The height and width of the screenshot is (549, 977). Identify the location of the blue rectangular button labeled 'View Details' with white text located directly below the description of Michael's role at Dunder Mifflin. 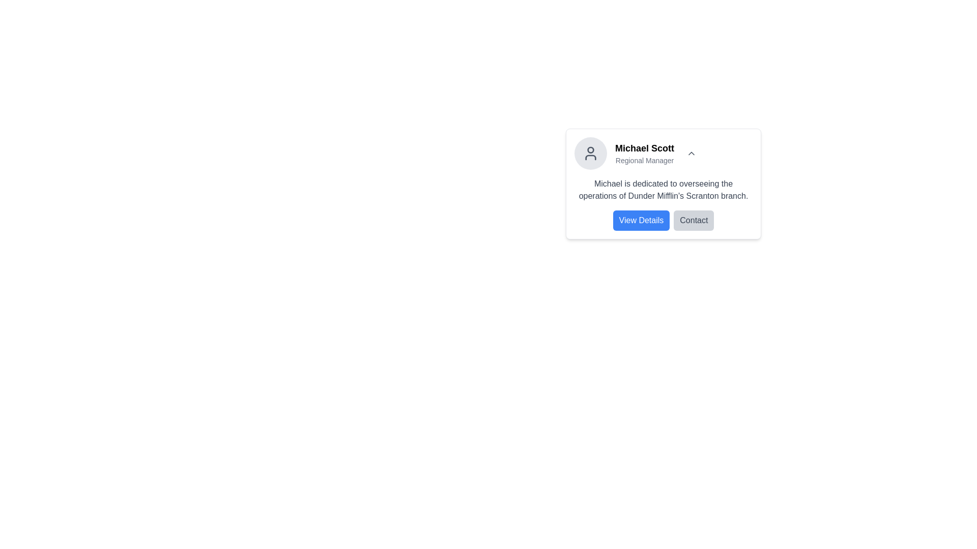
(664, 220).